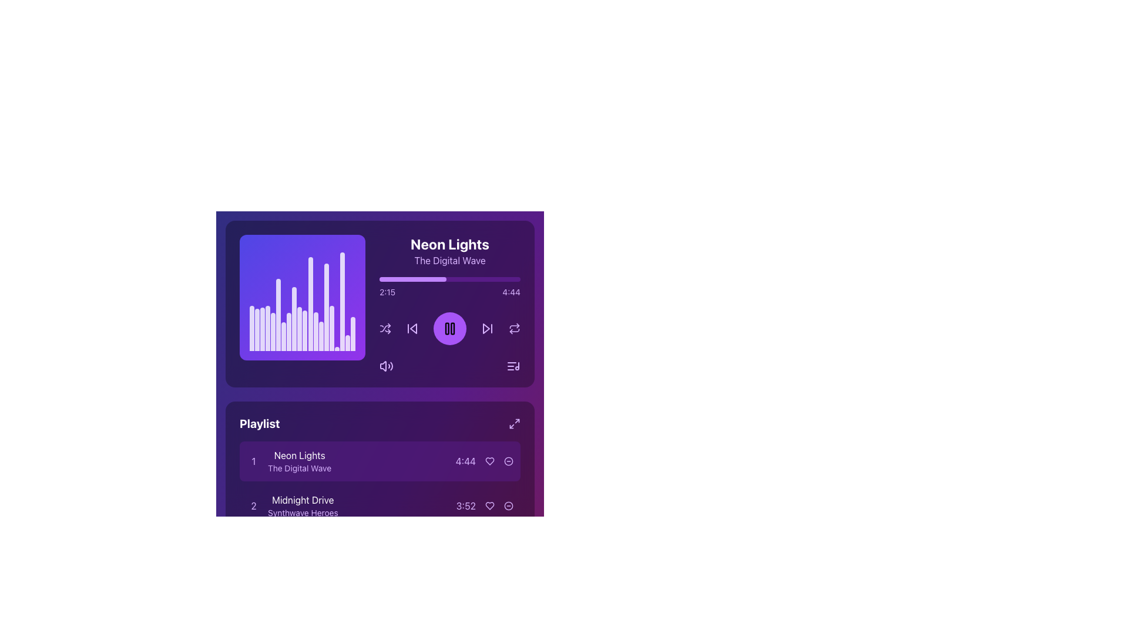  I want to click on the second segment of the SVG component in the playback controls area, which is related to playback functions like repeat or shuffle, so click(514, 326).